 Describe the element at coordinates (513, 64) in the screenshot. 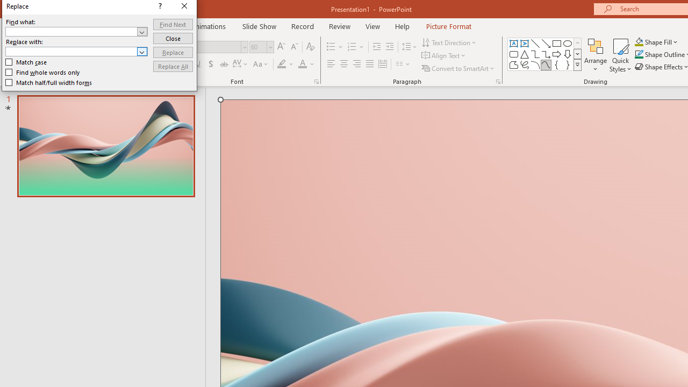

I see `'Freeform: Shape'` at that location.